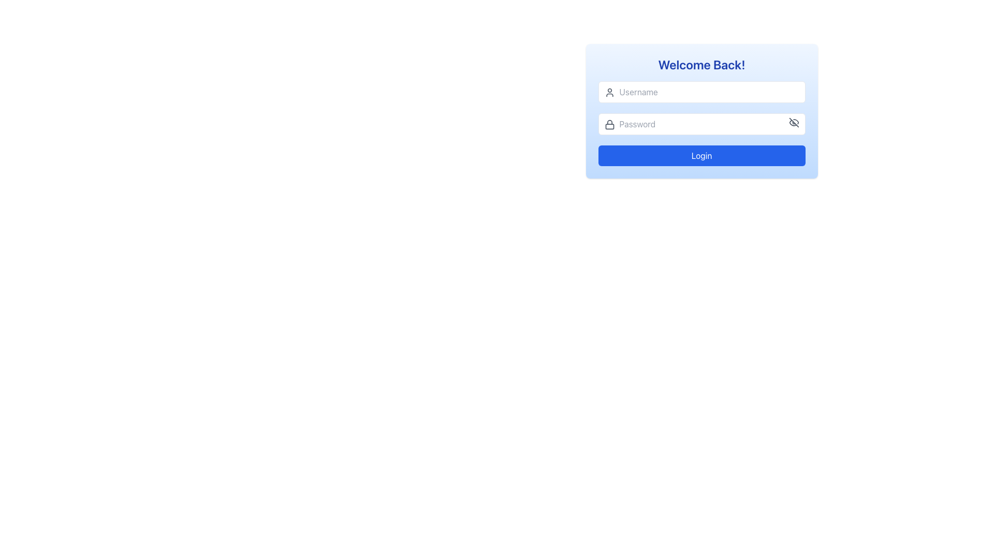 This screenshot has height=559, width=994. What do you see at coordinates (793, 122) in the screenshot?
I see `the eye icon with a line crossing it` at bounding box center [793, 122].